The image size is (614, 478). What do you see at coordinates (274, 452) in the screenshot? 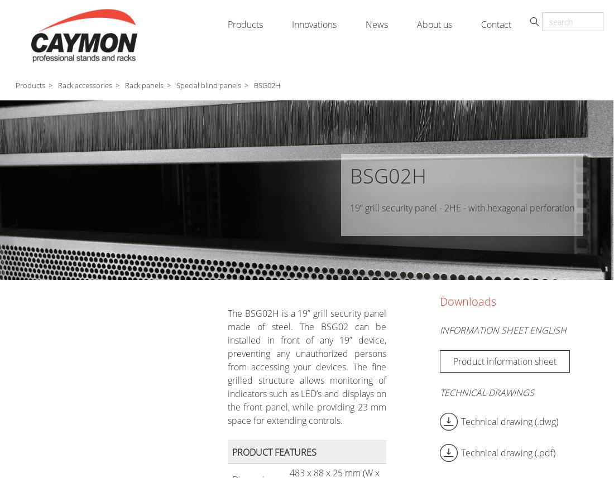
I see `'Product features'` at bounding box center [274, 452].